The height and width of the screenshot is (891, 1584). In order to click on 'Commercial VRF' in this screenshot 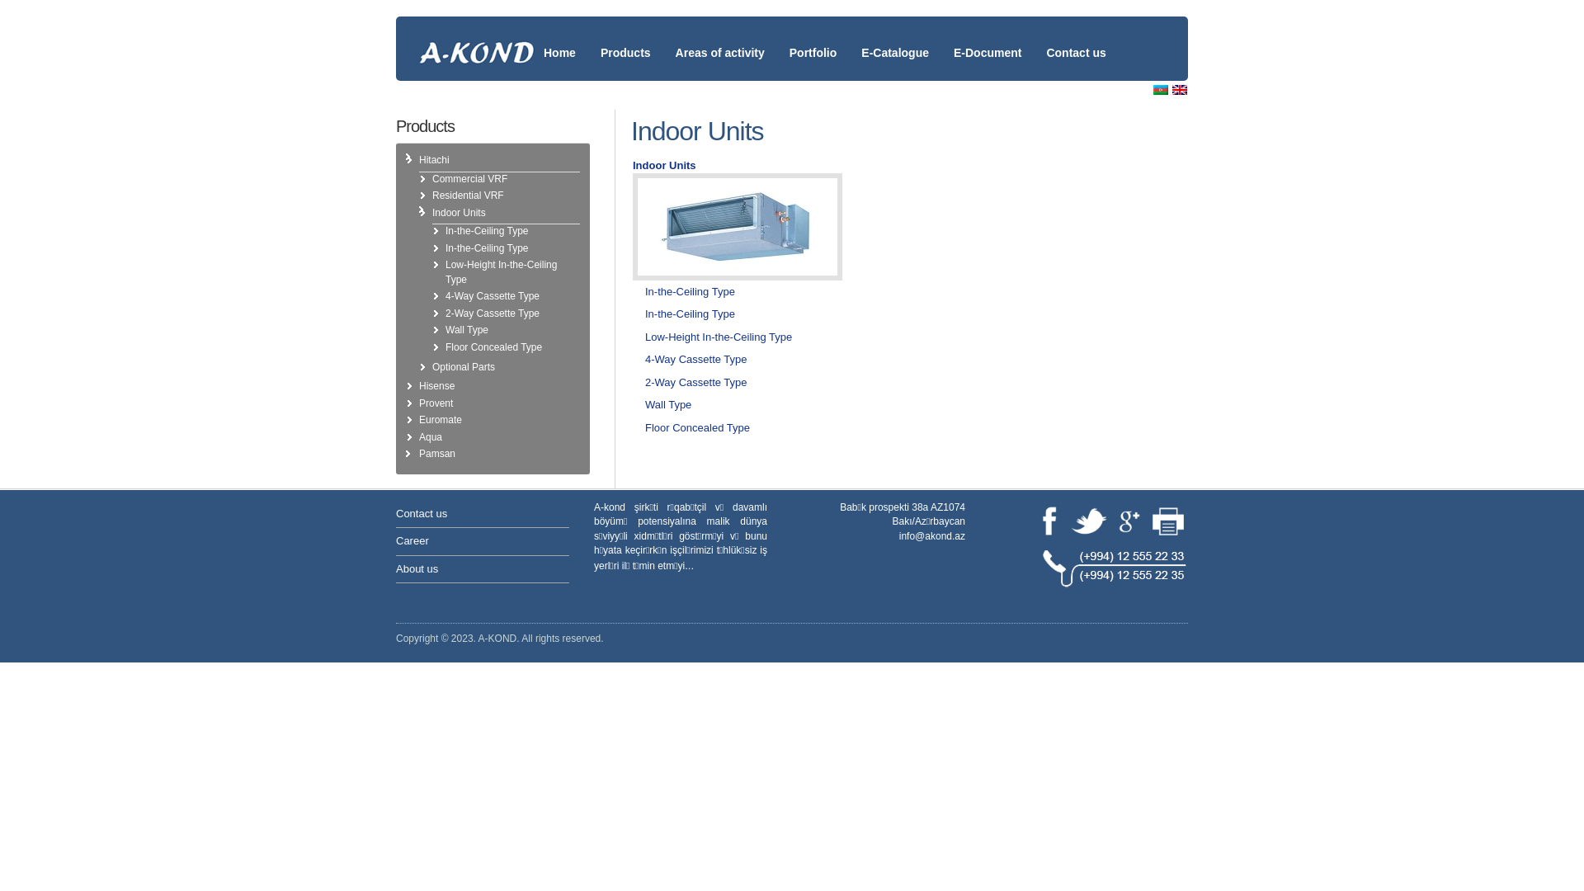, I will do `click(469, 178)`.